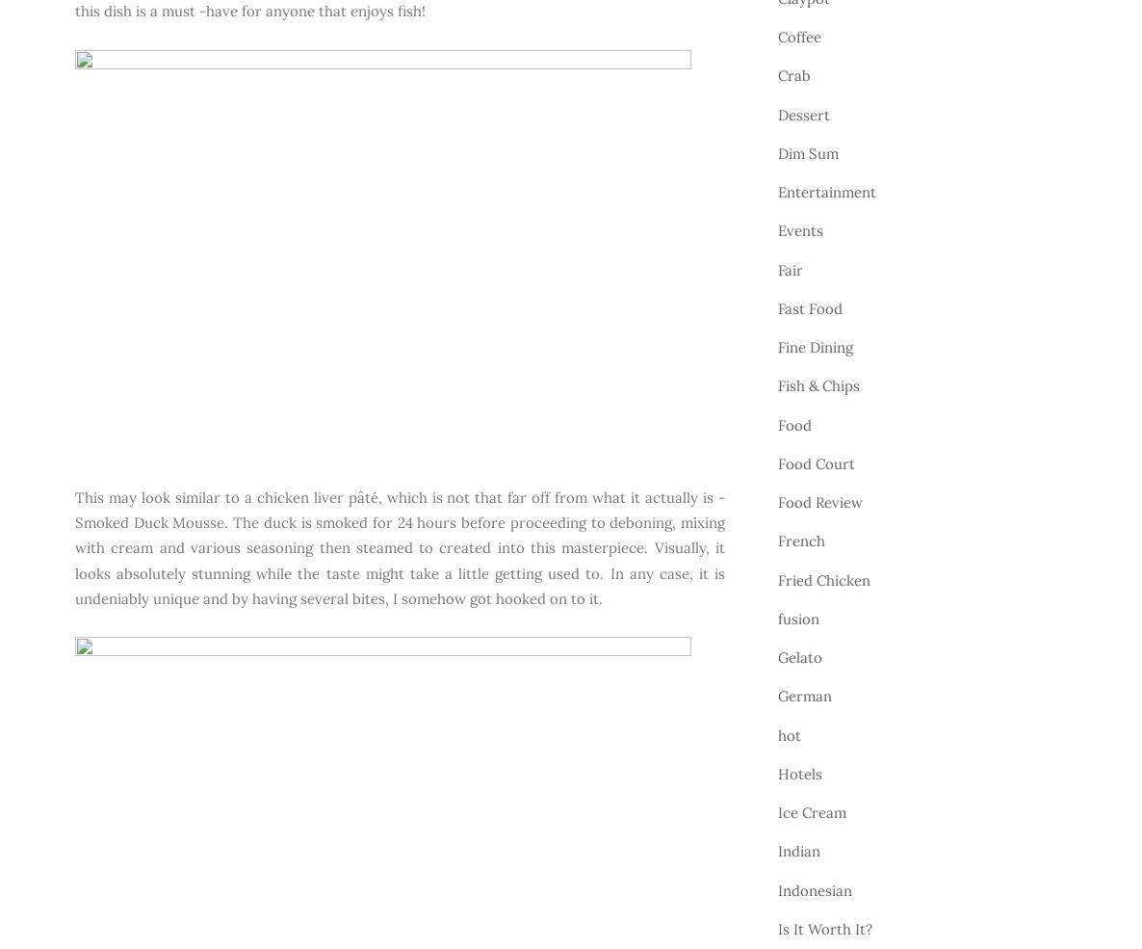 The height and width of the screenshot is (949, 1142). I want to click on 'Indian', so click(798, 850).